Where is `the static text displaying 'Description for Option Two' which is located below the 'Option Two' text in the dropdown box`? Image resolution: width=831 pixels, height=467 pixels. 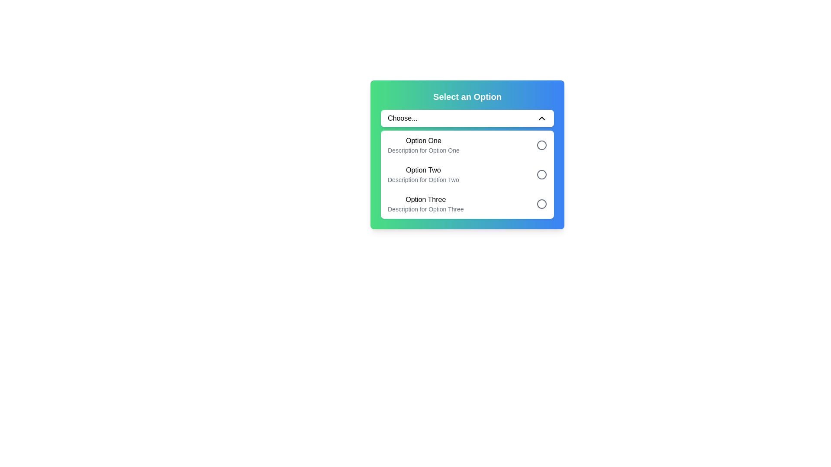 the static text displaying 'Description for Option Two' which is located below the 'Option Two' text in the dropdown box is located at coordinates (423, 179).